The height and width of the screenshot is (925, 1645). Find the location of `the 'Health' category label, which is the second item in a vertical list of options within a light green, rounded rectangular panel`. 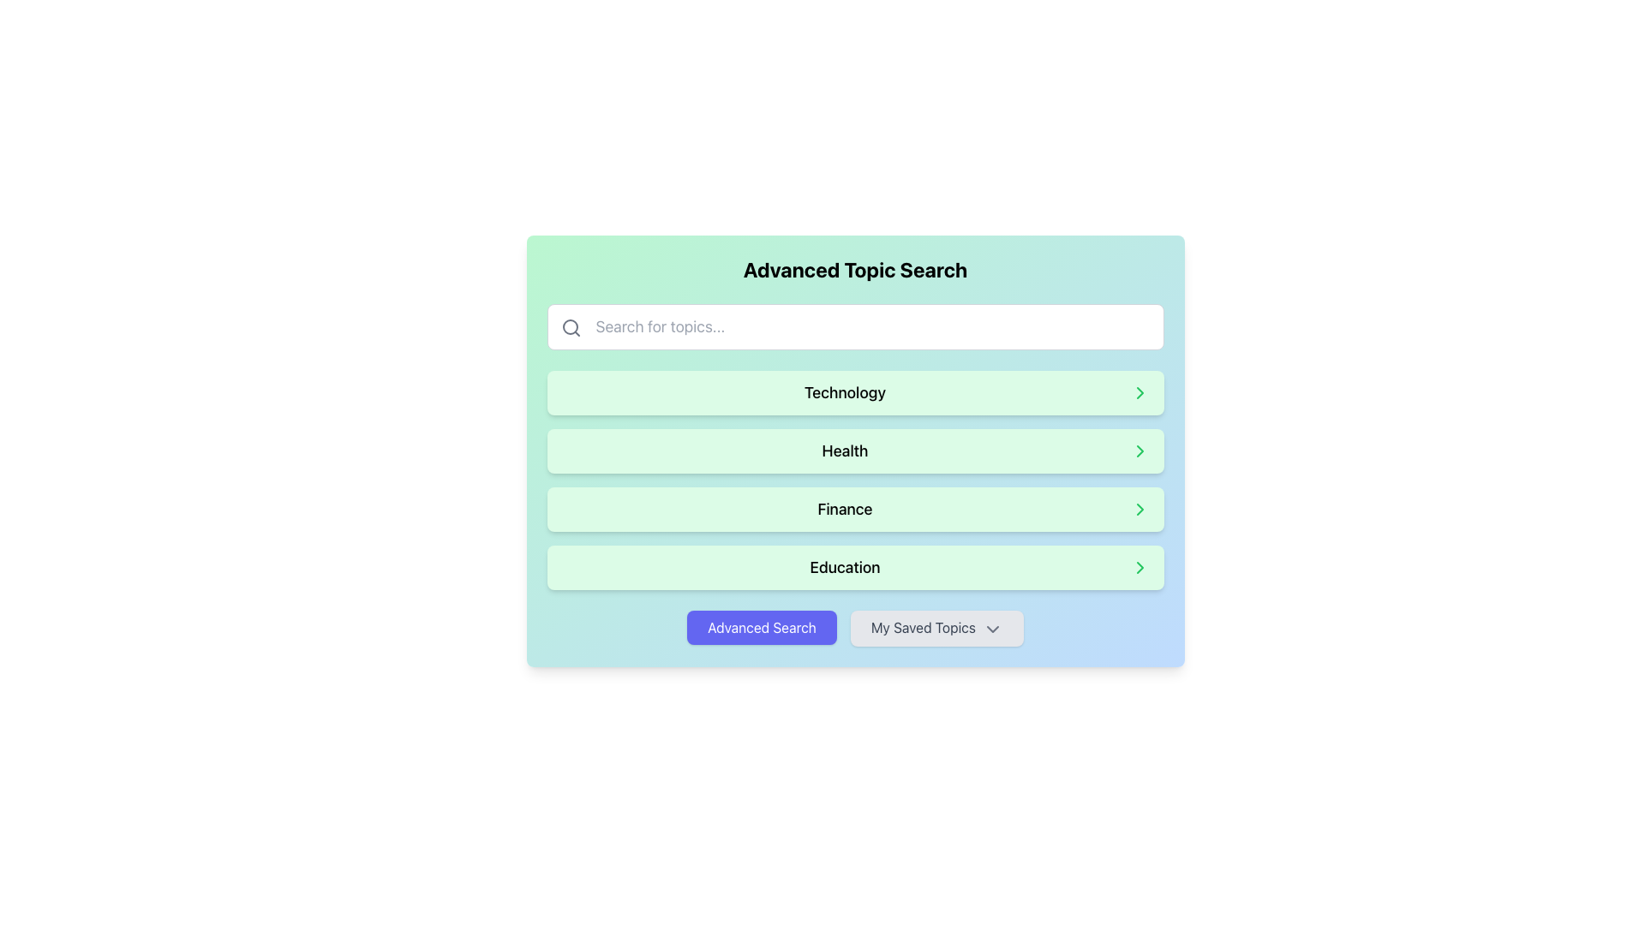

the 'Health' category label, which is the second item in a vertical list of options within a light green, rounded rectangular panel is located at coordinates (845, 451).